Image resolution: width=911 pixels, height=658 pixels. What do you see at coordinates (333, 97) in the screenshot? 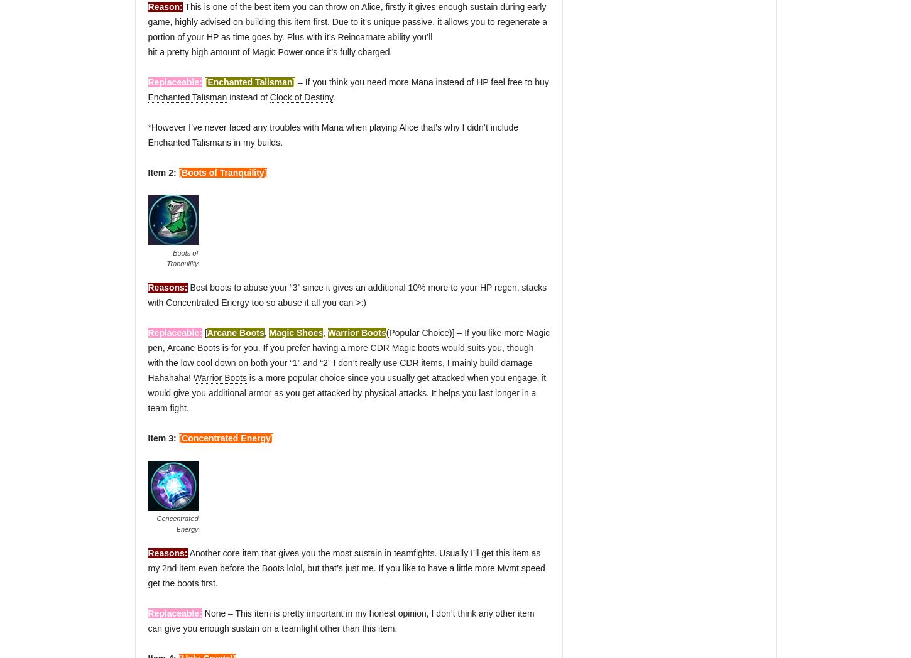
I see `'.'` at bounding box center [333, 97].